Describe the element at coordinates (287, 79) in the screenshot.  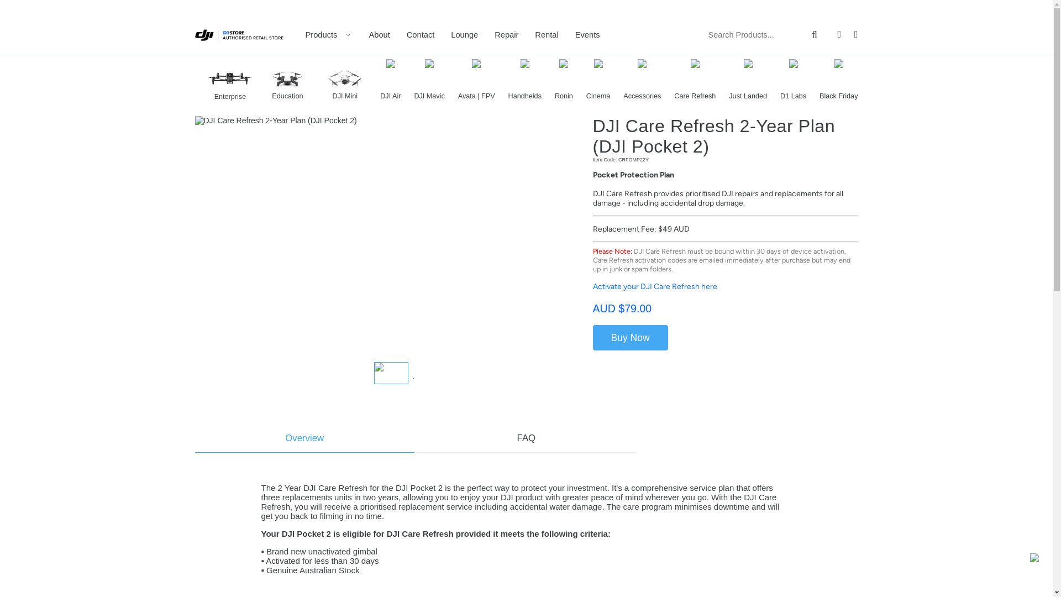
I see `'Education'` at that location.